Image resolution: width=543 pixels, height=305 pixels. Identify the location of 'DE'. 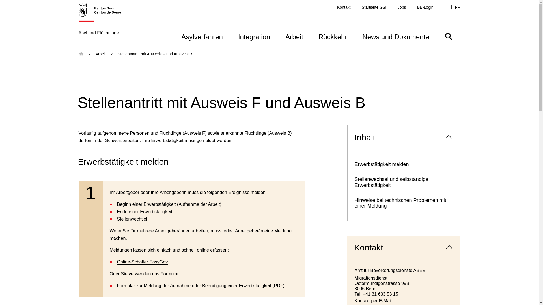
(445, 8).